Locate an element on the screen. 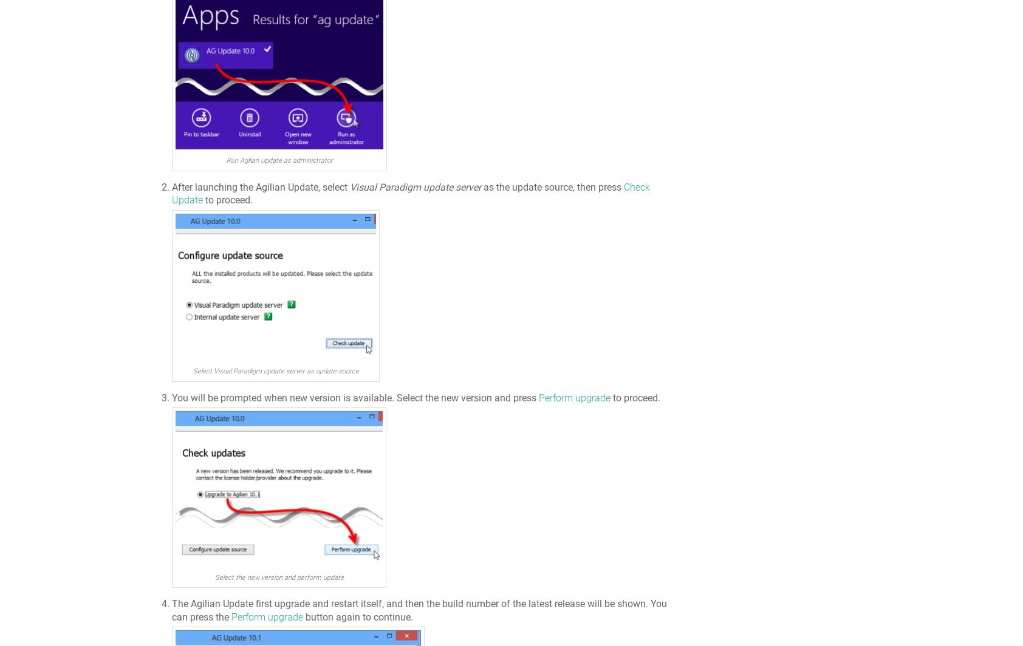 Image resolution: width=1023 pixels, height=646 pixels. 'Run Agilian Update as administrator' is located at coordinates (278, 160).